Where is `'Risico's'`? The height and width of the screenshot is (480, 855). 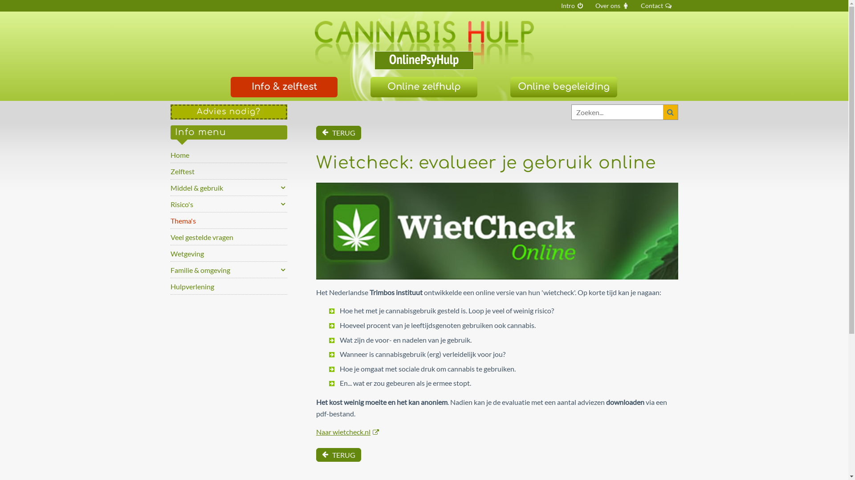
'Risico's' is located at coordinates (228, 204).